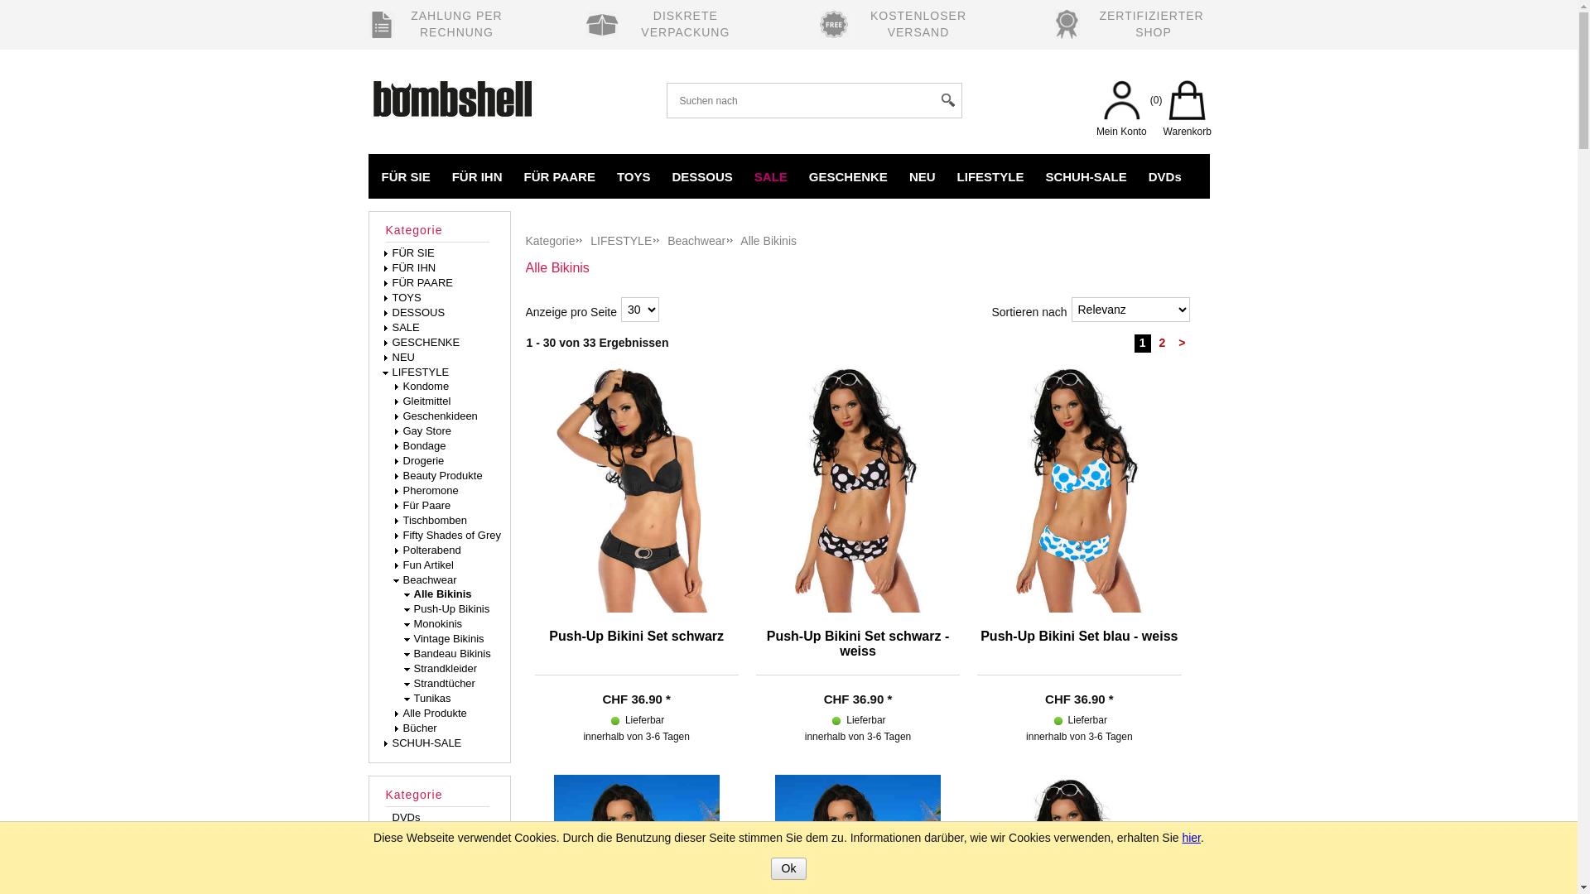  I want to click on ' Kondome', so click(402, 386).